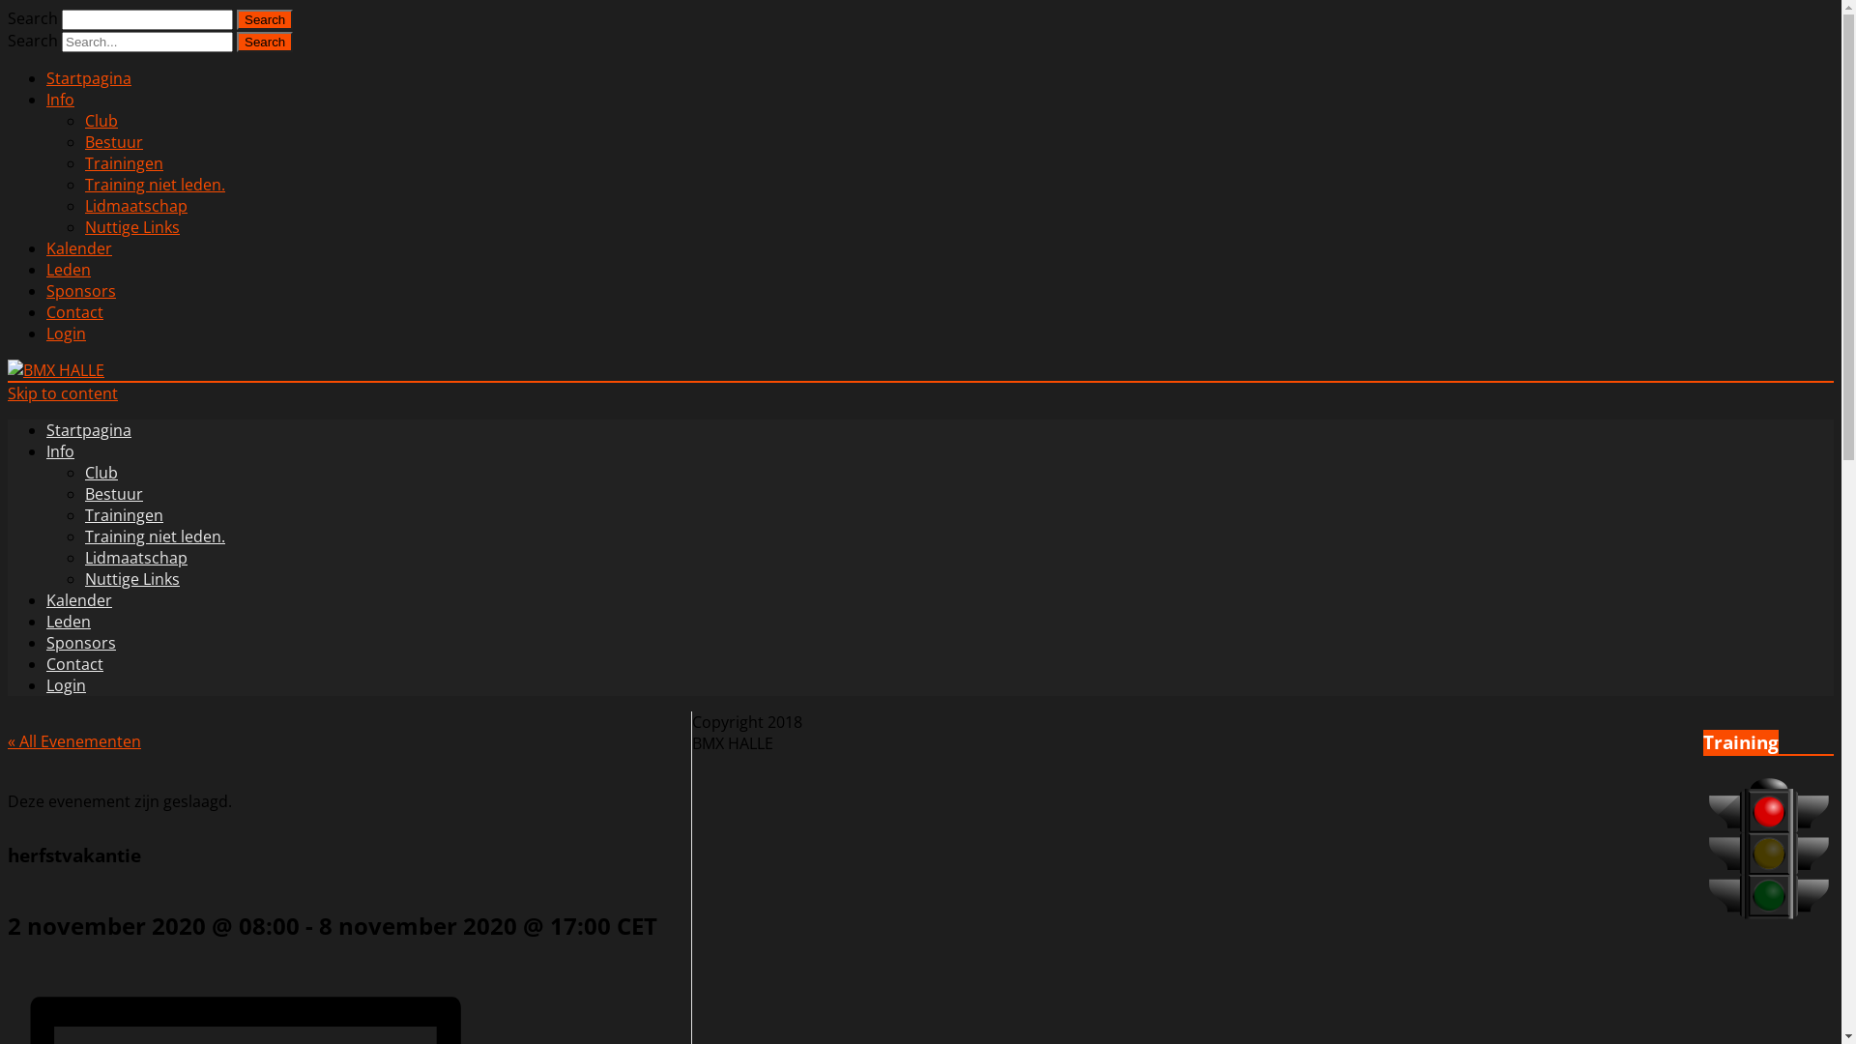 Image resolution: width=1856 pixels, height=1044 pixels. Describe the element at coordinates (79, 290) in the screenshot. I see `'Sponsors'` at that location.